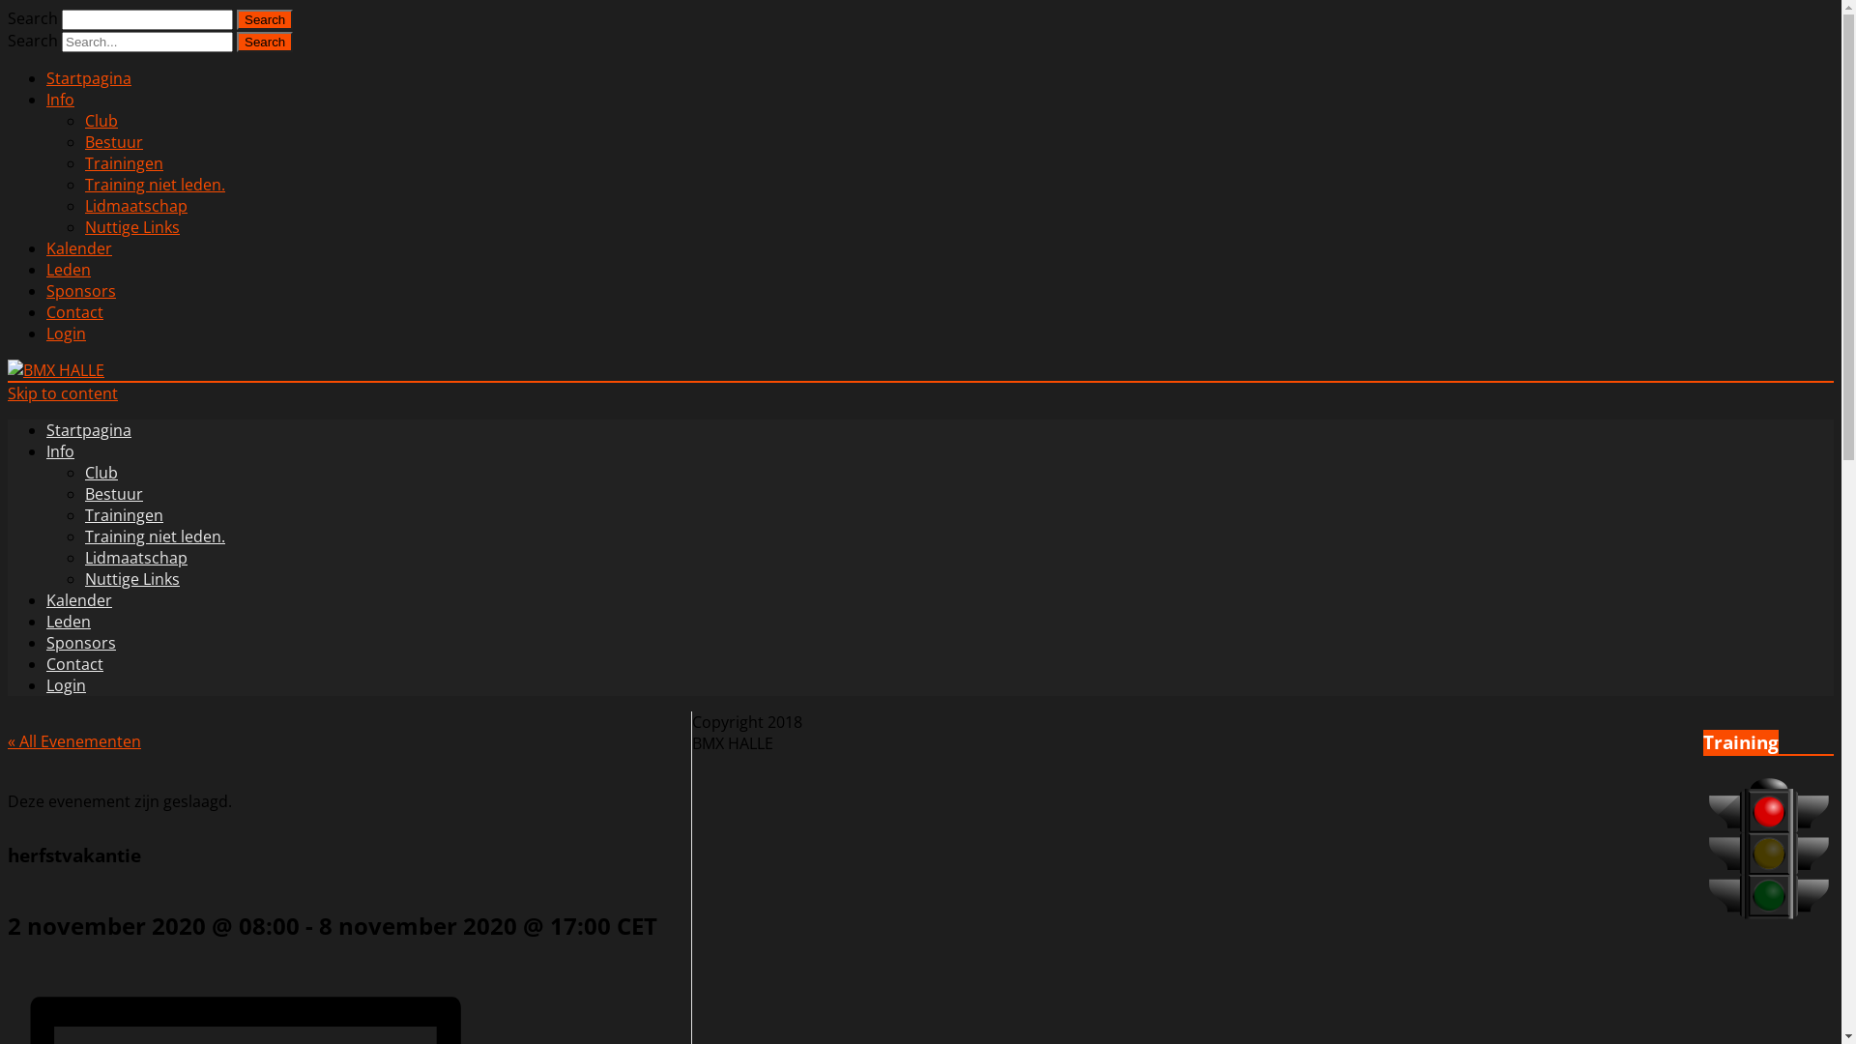 Image resolution: width=1856 pixels, height=1044 pixels. Describe the element at coordinates (79, 290) in the screenshot. I see `'Sponsors'` at that location.